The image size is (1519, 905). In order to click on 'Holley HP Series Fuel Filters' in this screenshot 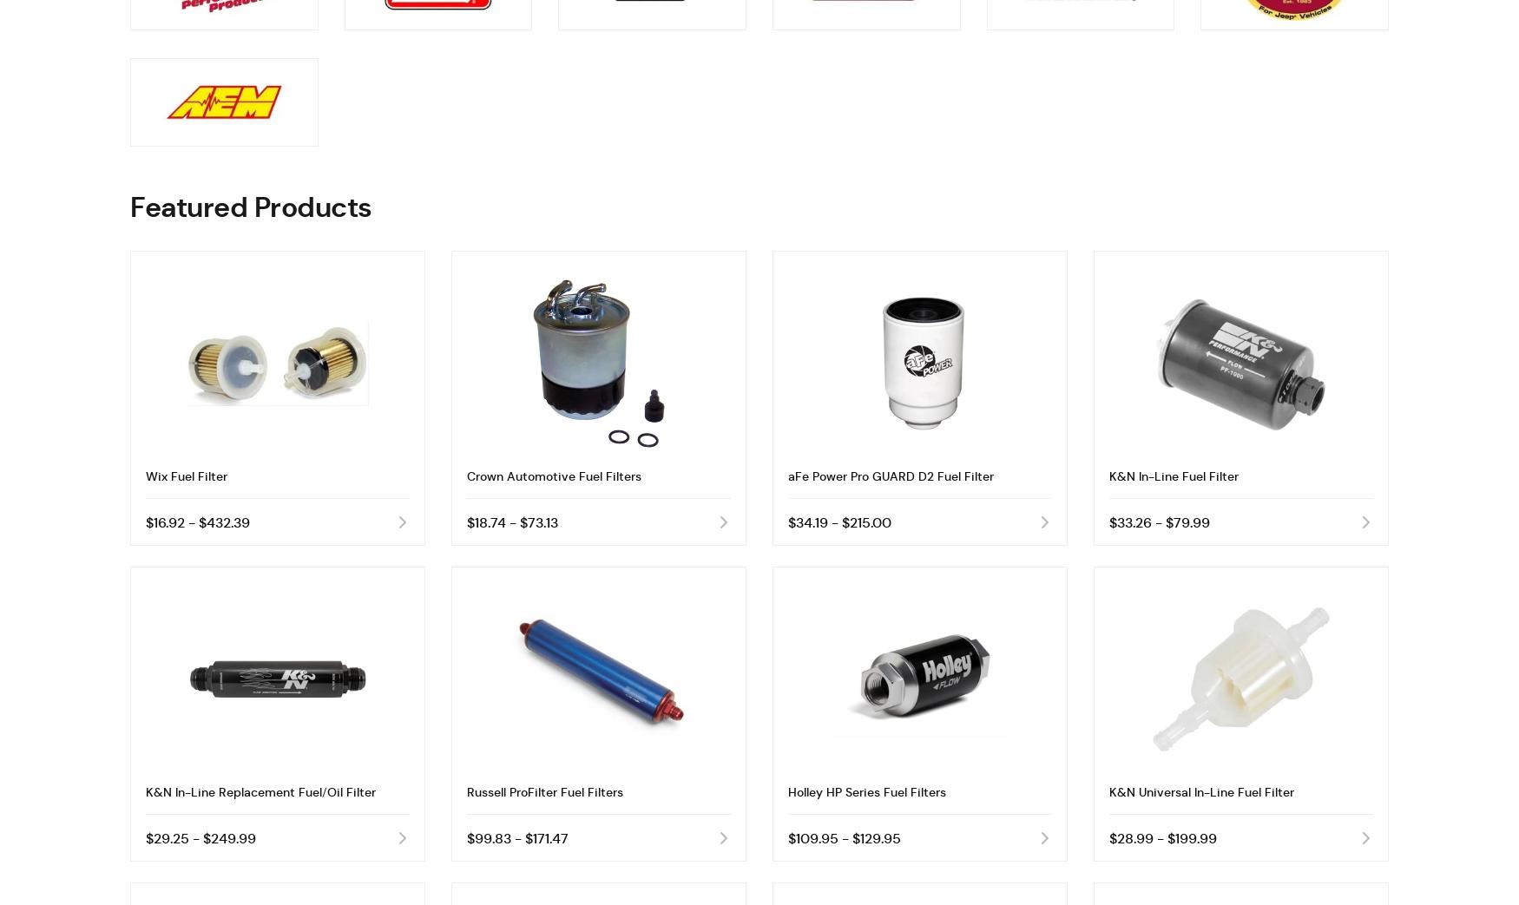, I will do `click(867, 791)`.